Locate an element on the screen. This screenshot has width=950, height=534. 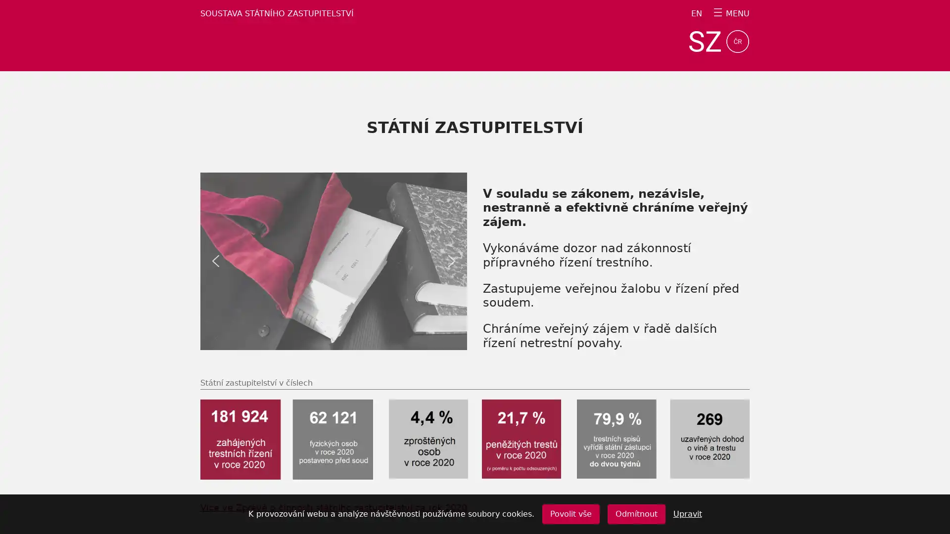
previous arrow is located at coordinates (215, 261).